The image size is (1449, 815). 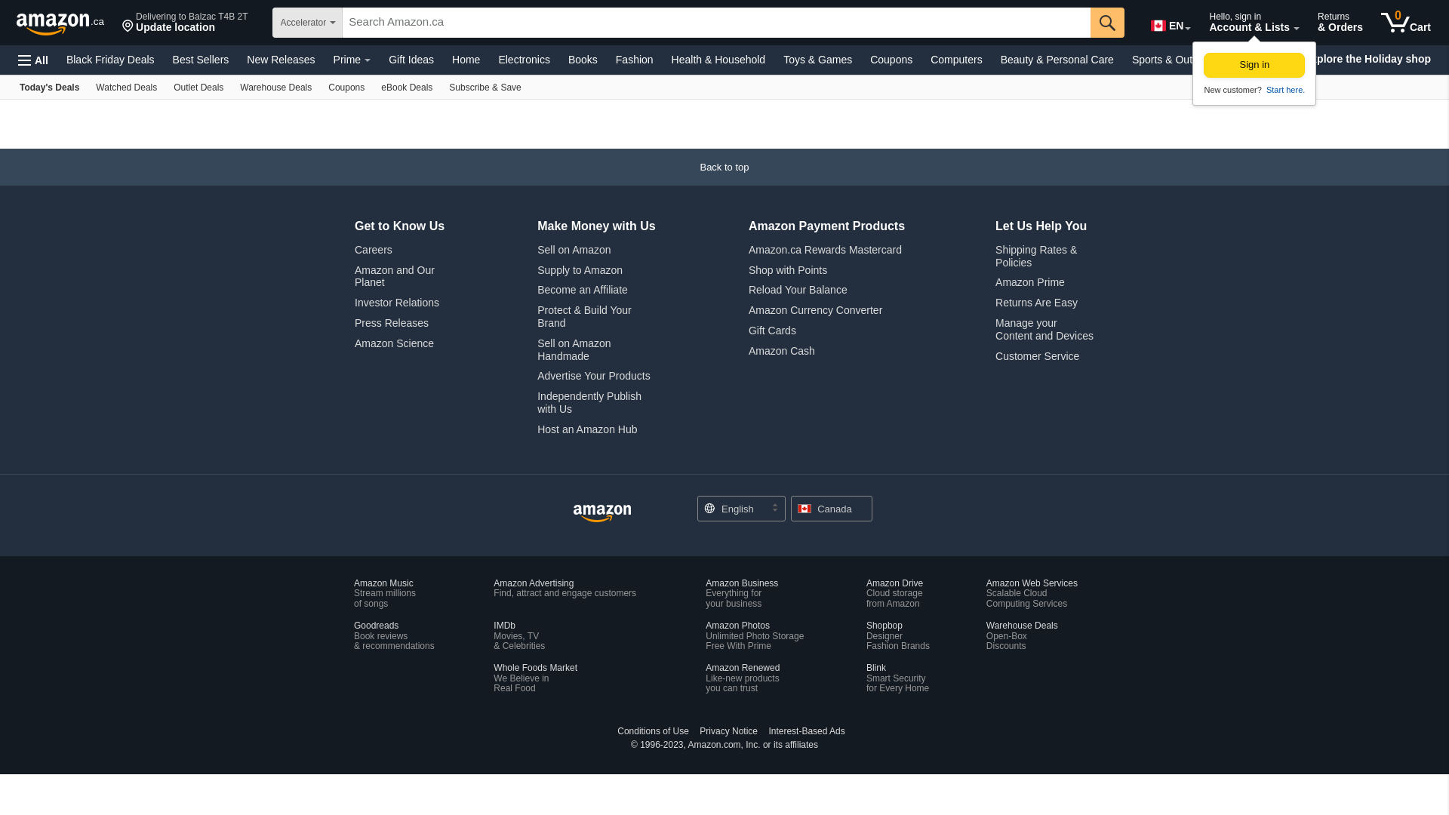 What do you see at coordinates (126, 87) in the screenshot?
I see `'Watched Deals'` at bounding box center [126, 87].